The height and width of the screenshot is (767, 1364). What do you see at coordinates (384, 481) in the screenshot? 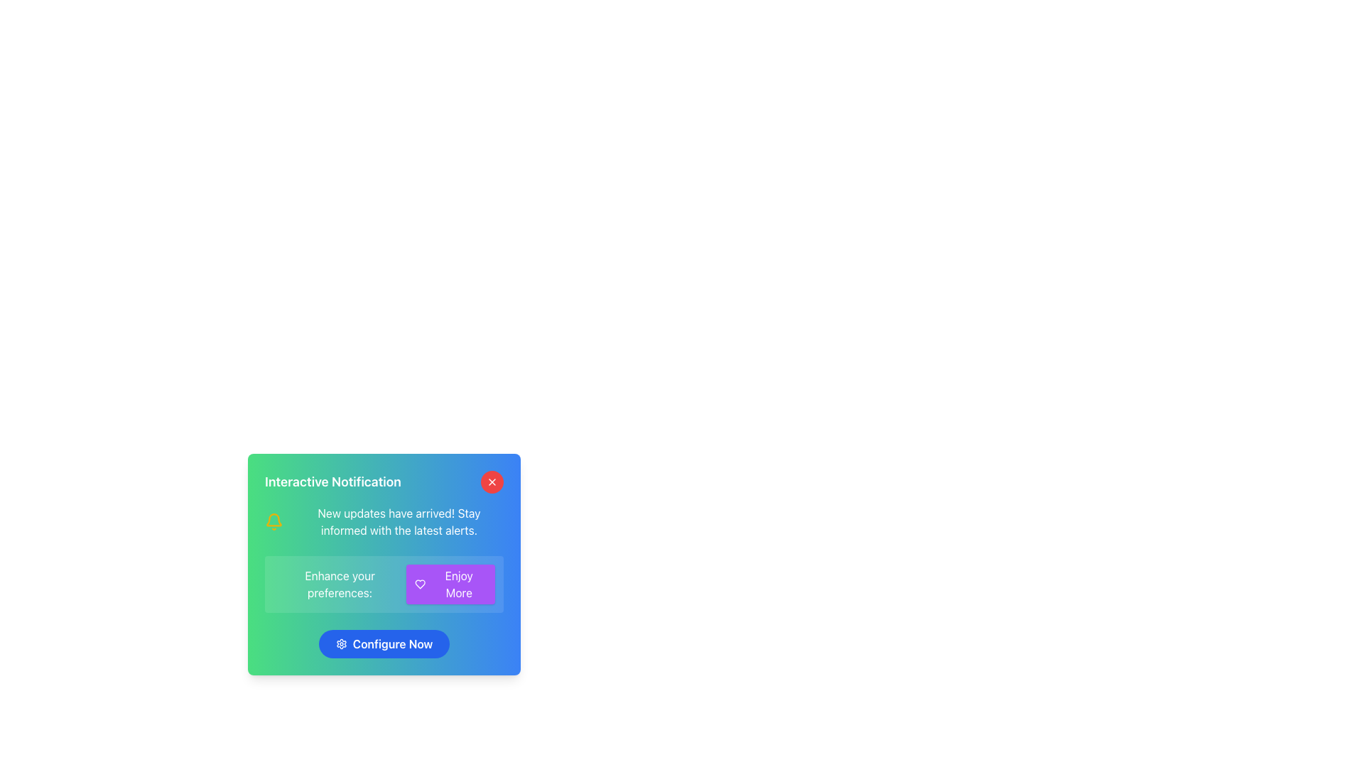
I see `the non-interactive text label displaying 'Interactive Notification' in bold font, located on the left side of the header section of the card-like component` at bounding box center [384, 481].